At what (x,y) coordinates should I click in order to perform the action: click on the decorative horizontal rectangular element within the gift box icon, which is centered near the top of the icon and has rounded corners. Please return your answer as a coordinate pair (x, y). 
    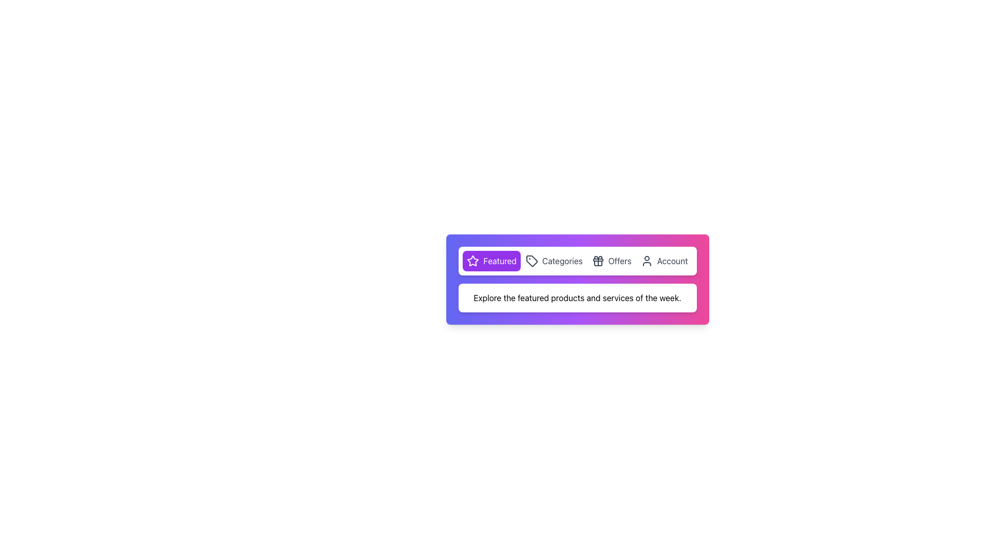
    Looking at the image, I should click on (598, 259).